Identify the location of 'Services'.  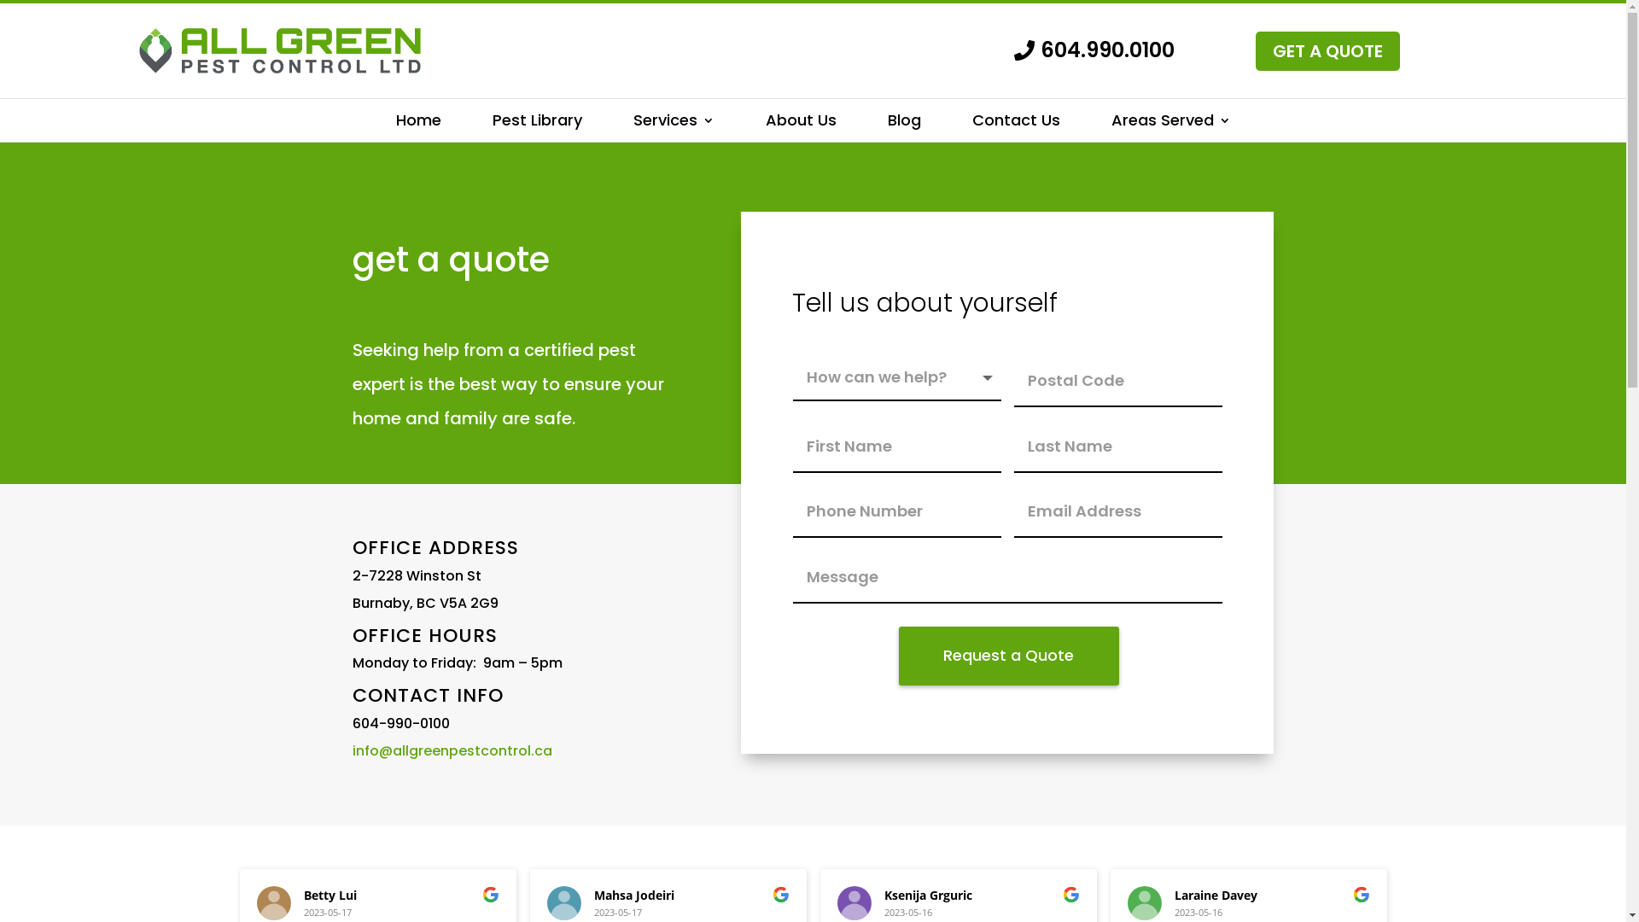
(673, 123).